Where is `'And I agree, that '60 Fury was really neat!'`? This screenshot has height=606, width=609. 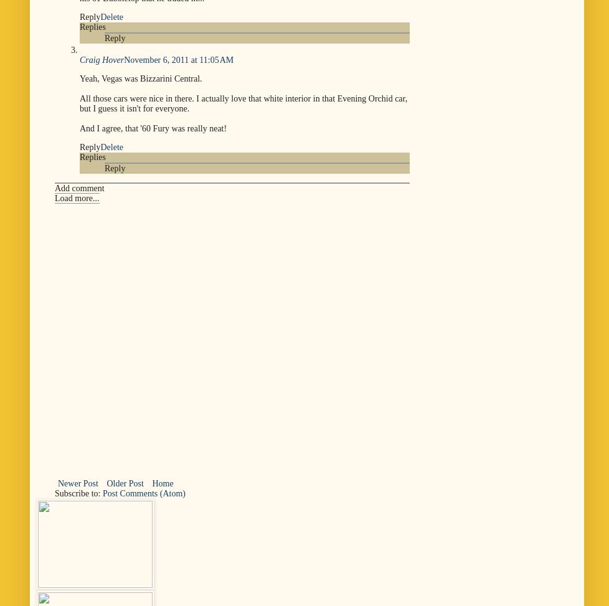
'And I agree, that '60 Fury was really neat!' is located at coordinates (152, 128).